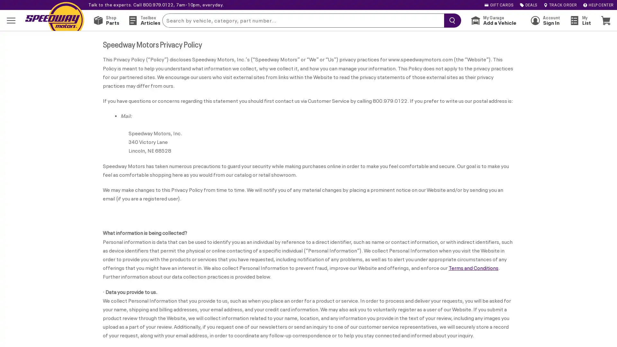  I want to click on searchButton, so click(451, 20).